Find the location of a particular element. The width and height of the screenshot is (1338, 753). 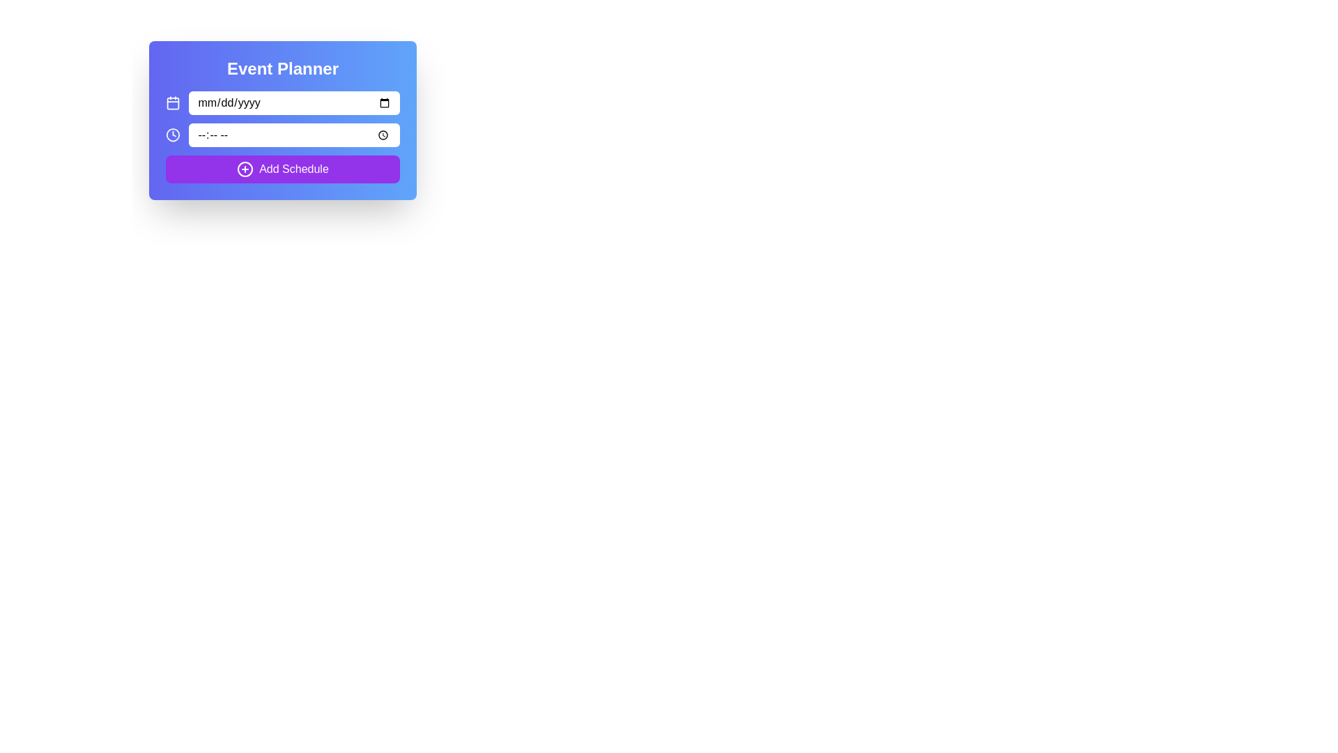

the circular '+' icon with a purple background and white border located inside the 'Add Schedule' button, positioned towards its left side is located at coordinates (245, 169).